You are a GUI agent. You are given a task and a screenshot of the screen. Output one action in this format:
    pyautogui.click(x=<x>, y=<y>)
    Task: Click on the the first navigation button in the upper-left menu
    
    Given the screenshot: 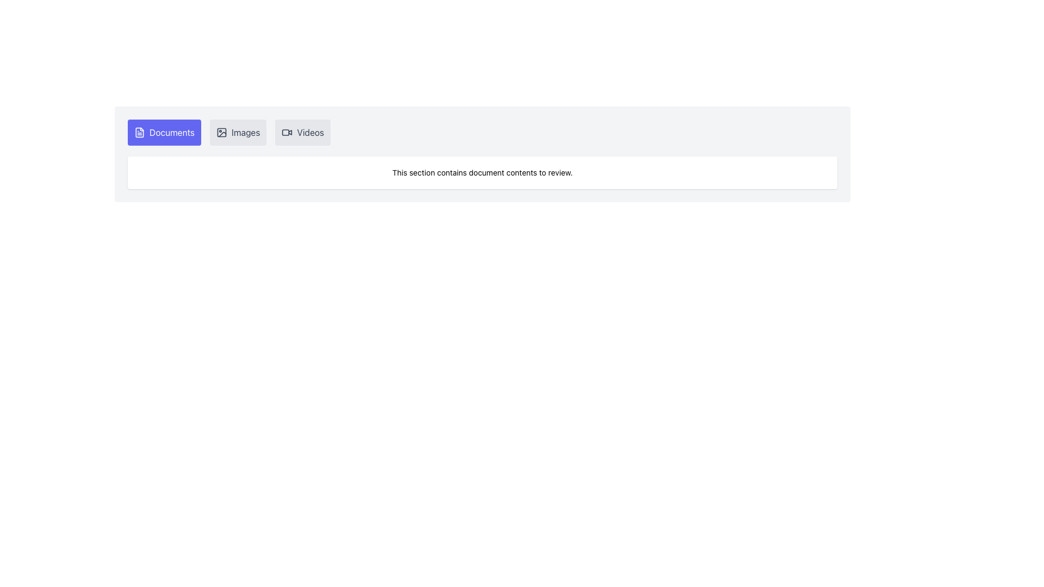 What is the action you would take?
    pyautogui.click(x=171, y=132)
    